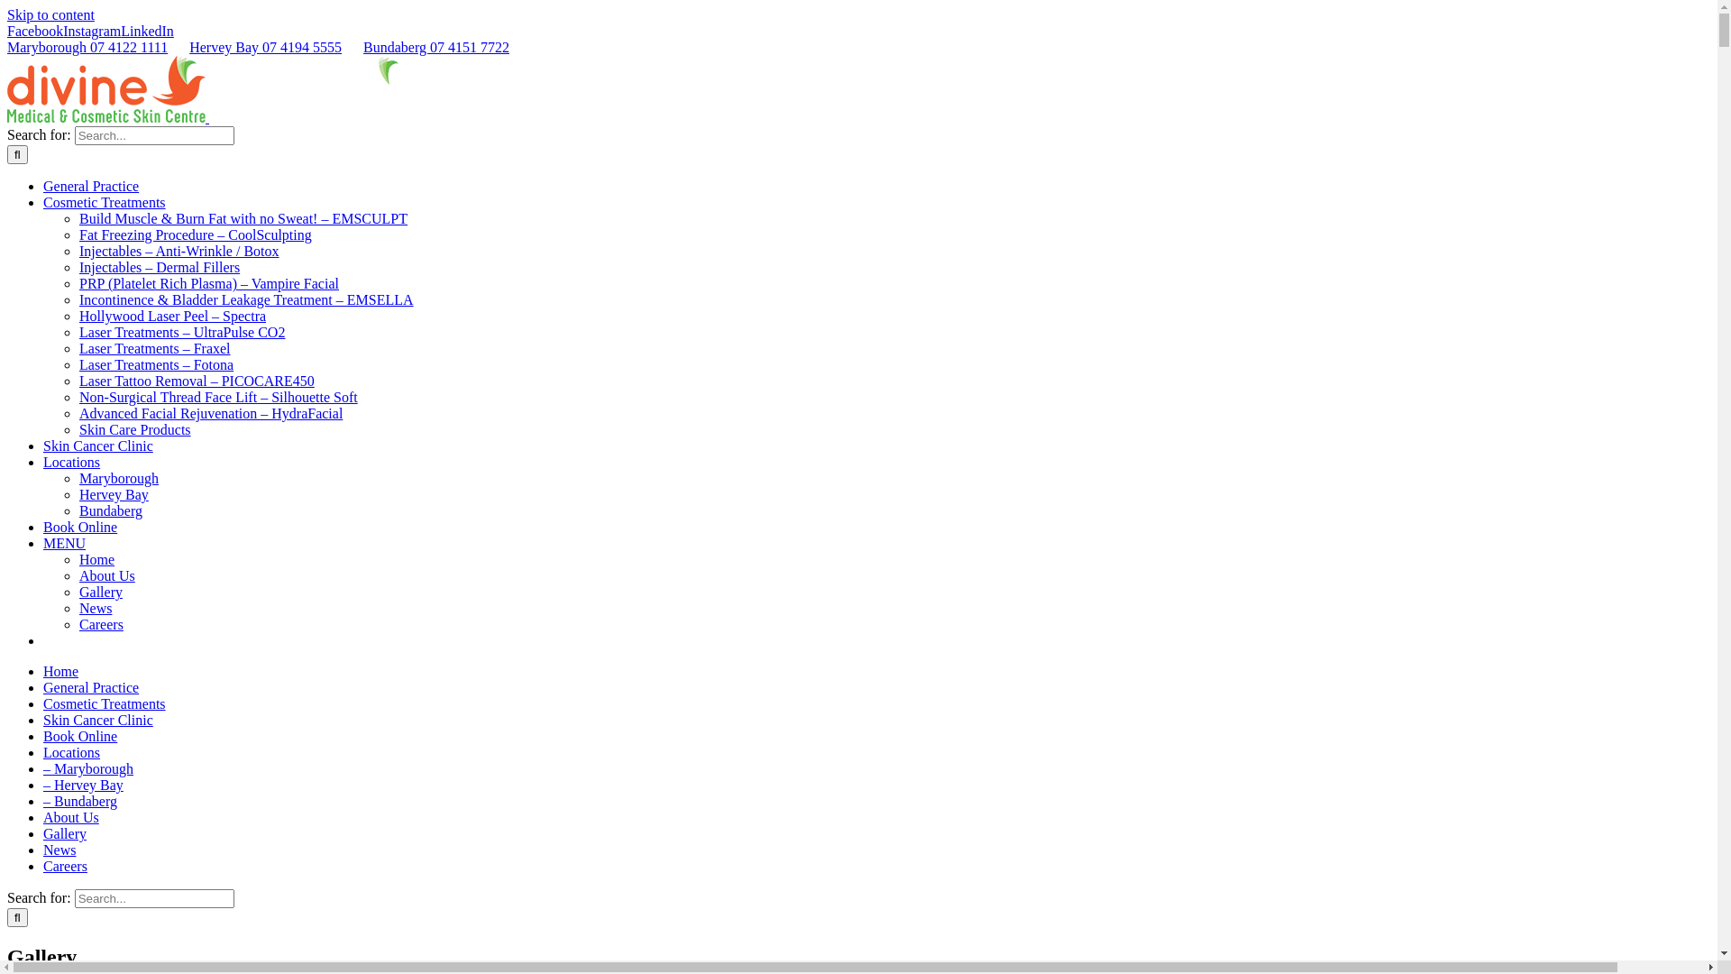  What do you see at coordinates (90, 31) in the screenshot?
I see `'Instagram'` at bounding box center [90, 31].